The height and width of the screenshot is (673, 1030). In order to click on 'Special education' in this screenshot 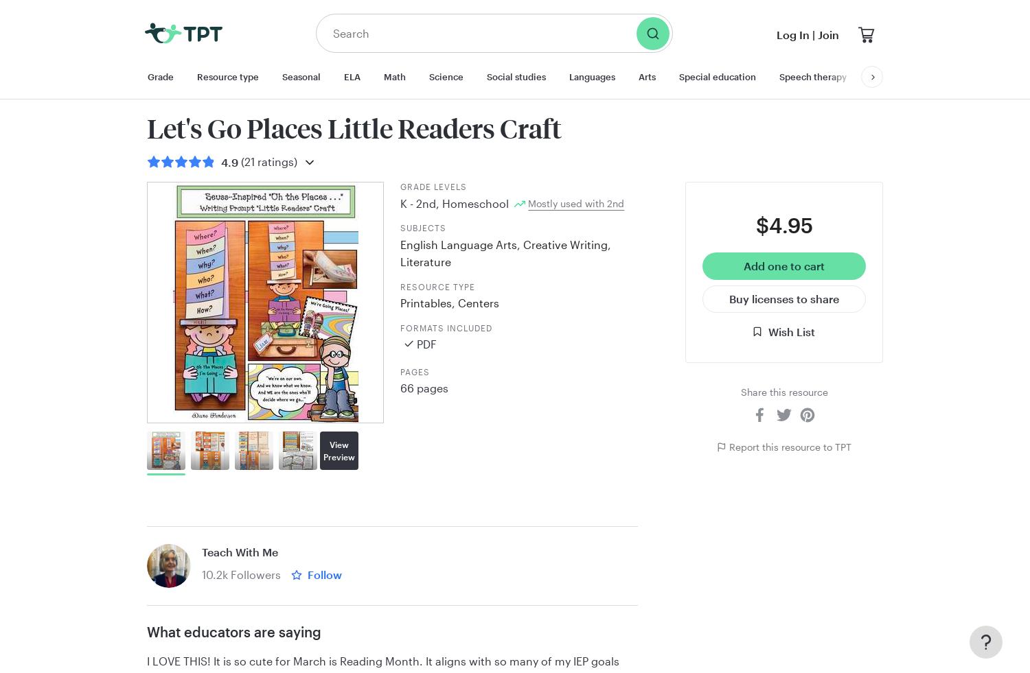, I will do `click(718, 76)`.